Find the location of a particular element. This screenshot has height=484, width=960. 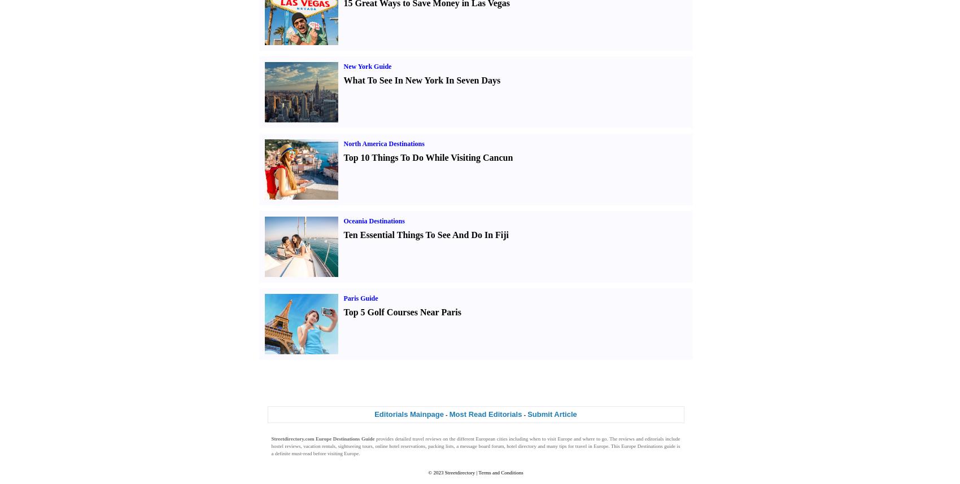

'include' is located at coordinates (671, 439).